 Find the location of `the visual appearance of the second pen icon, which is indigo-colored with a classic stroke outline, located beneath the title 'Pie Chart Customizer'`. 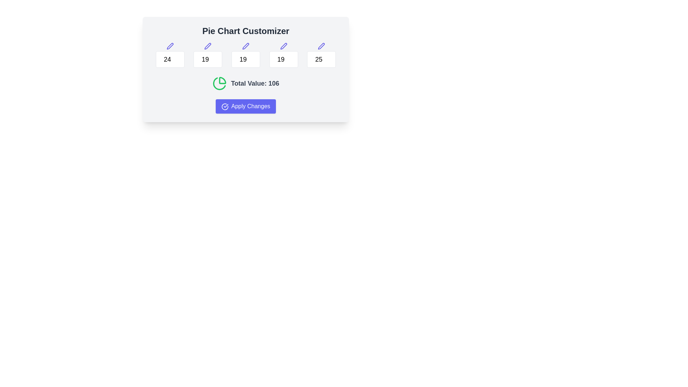

the visual appearance of the second pen icon, which is indigo-colored with a classic stroke outline, located beneath the title 'Pie Chart Customizer' is located at coordinates (169, 46).